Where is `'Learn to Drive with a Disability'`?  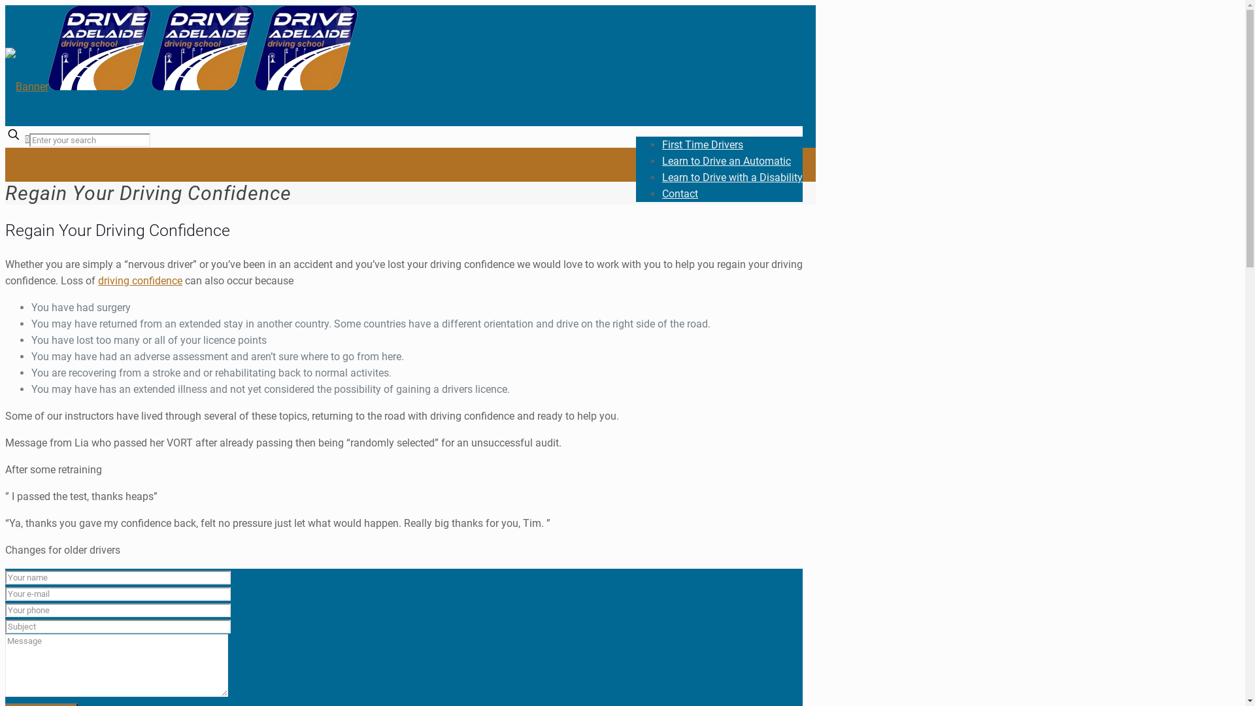 'Learn to Drive with a Disability' is located at coordinates (732, 177).